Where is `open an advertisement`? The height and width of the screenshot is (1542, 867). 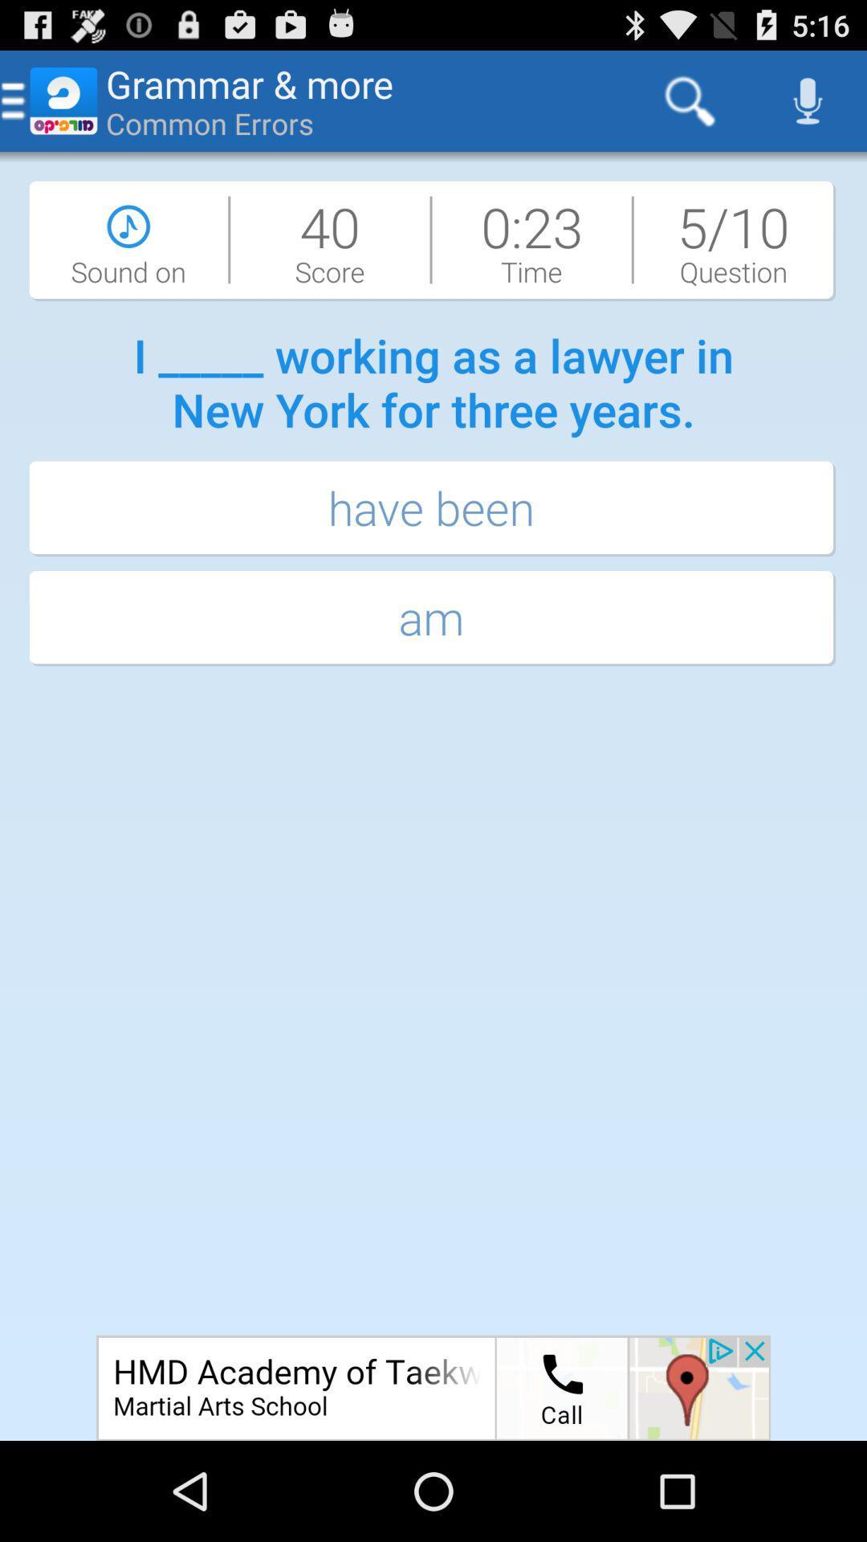 open an advertisement is located at coordinates (433, 1387).